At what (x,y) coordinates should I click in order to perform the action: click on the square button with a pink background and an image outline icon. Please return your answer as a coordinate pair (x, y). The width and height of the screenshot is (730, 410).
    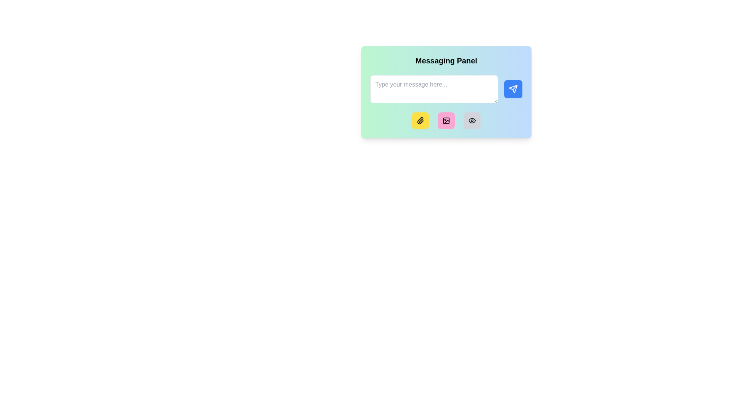
    Looking at the image, I should click on (446, 120).